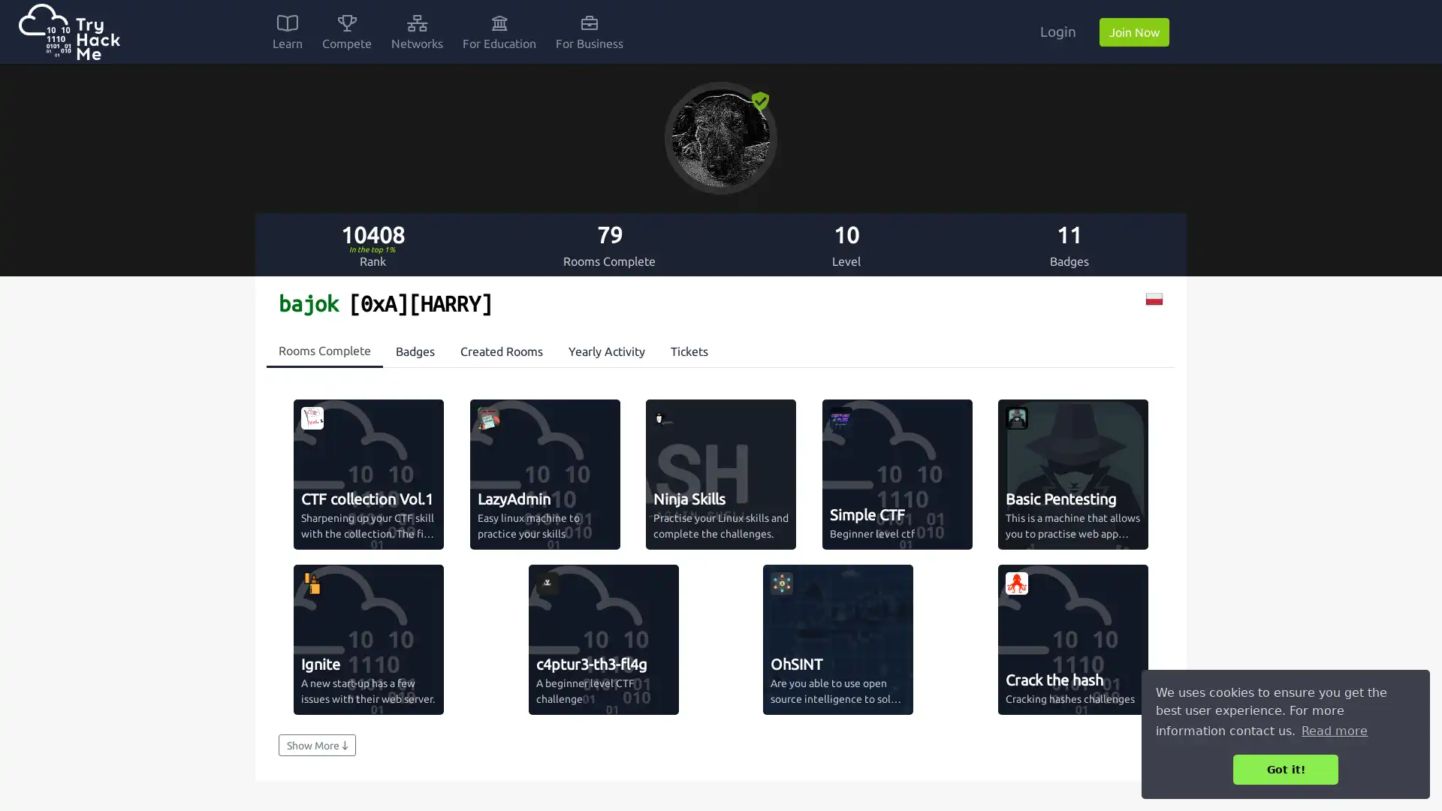 The width and height of the screenshot is (1442, 811). What do you see at coordinates (1134, 32) in the screenshot?
I see `Join Now` at bounding box center [1134, 32].